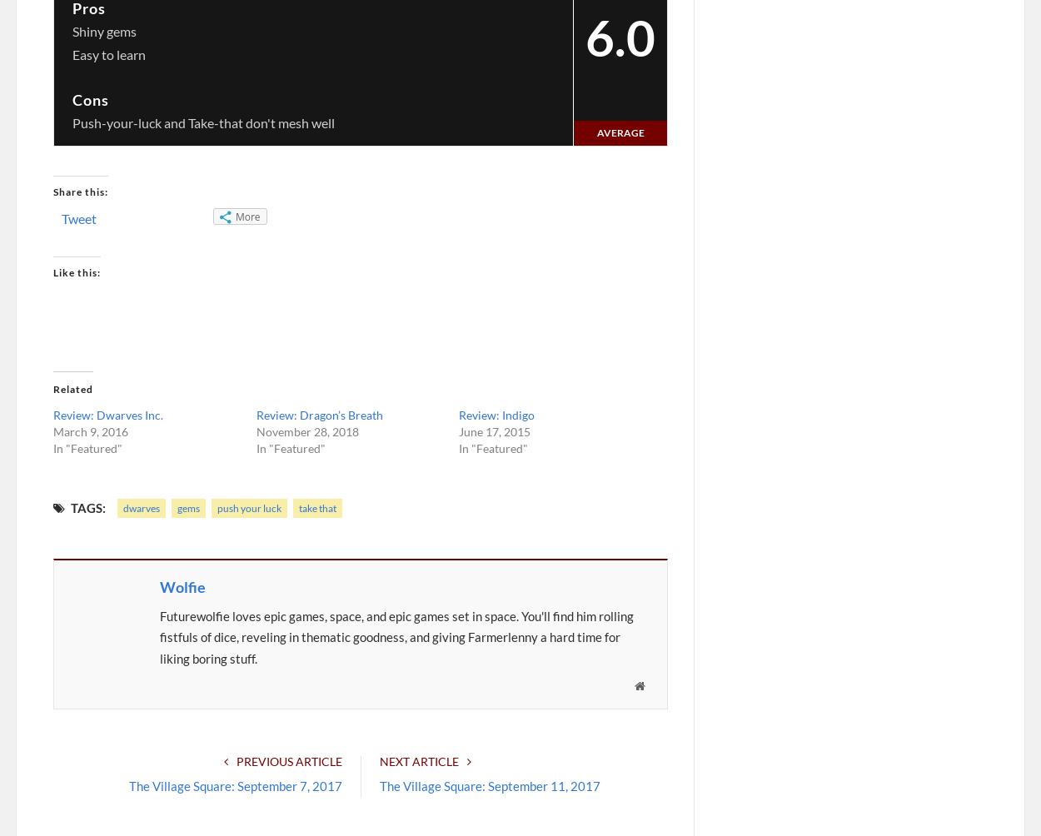  What do you see at coordinates (202, 121) in the screenshot?
I see `'Push-your-luck and Take-that don't mesh well'` at bounding box center [202, 121].